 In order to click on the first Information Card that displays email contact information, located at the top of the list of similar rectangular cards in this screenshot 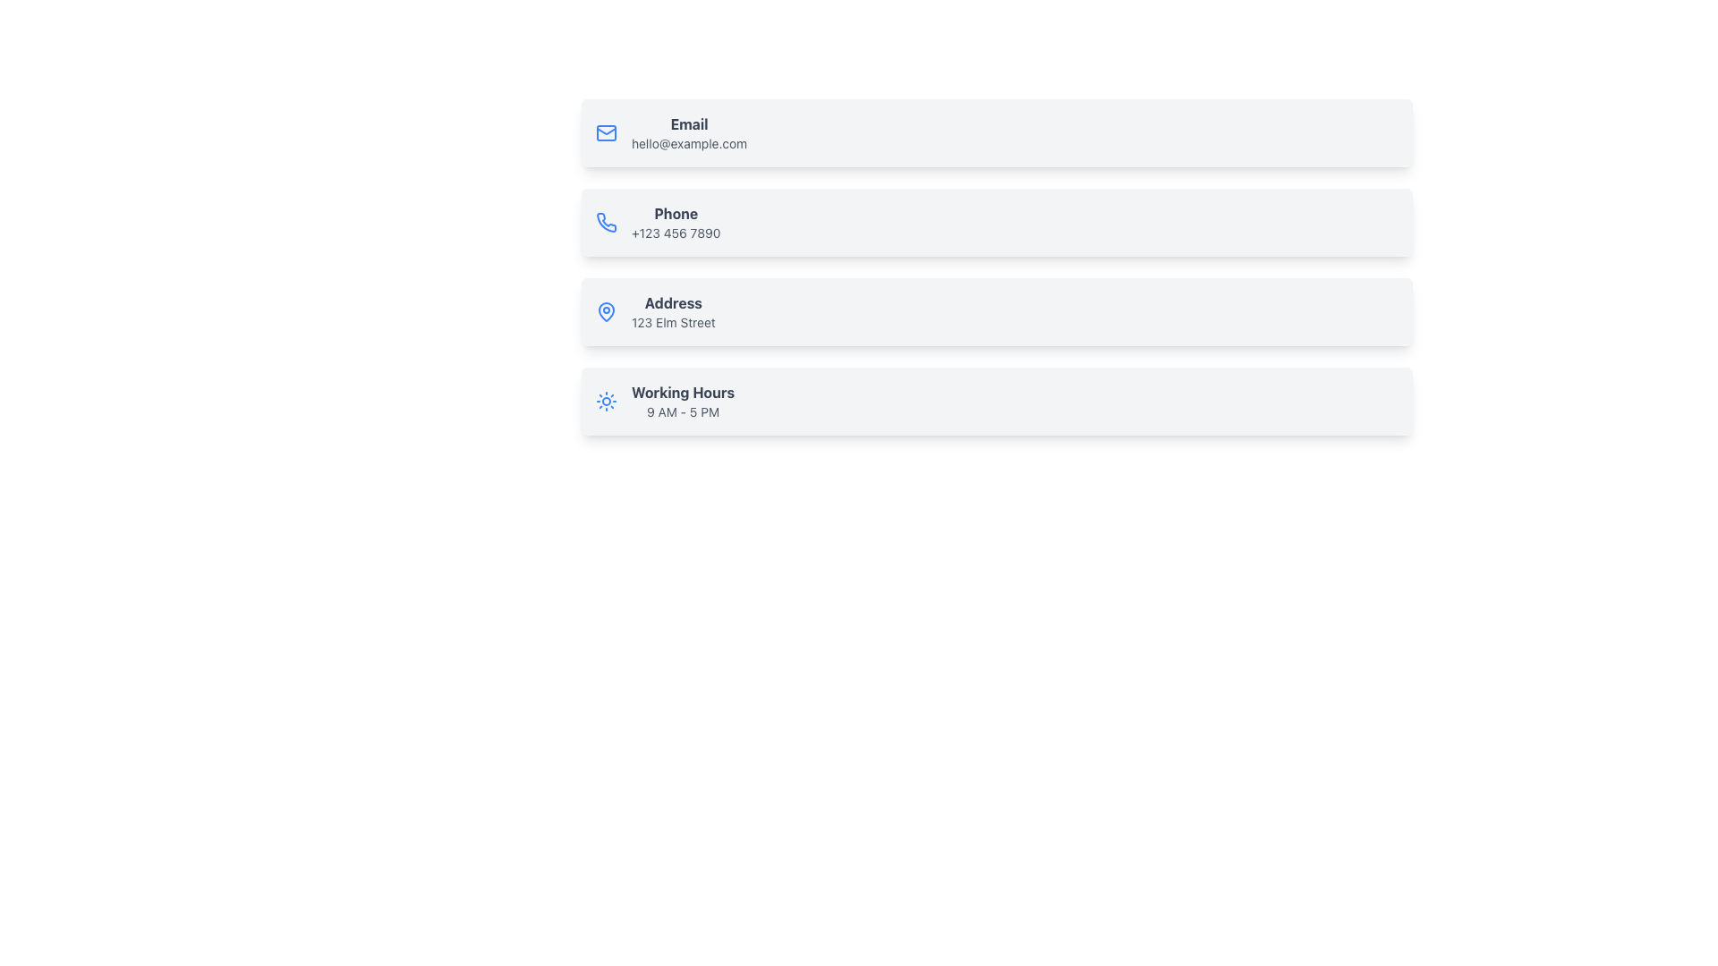, I will do `click(996, 132)`.